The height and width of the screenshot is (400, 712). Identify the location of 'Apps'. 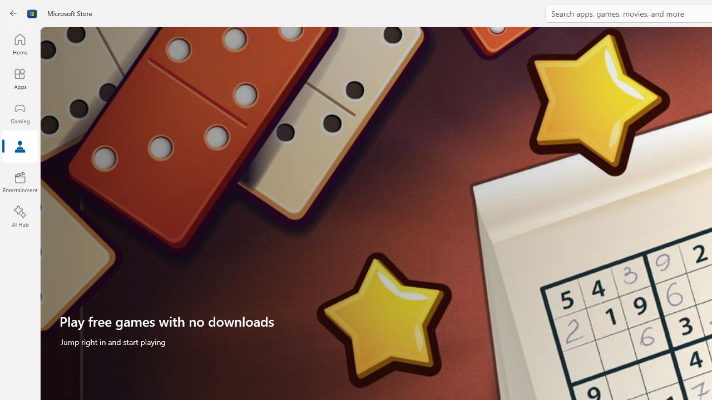
(19, 78).